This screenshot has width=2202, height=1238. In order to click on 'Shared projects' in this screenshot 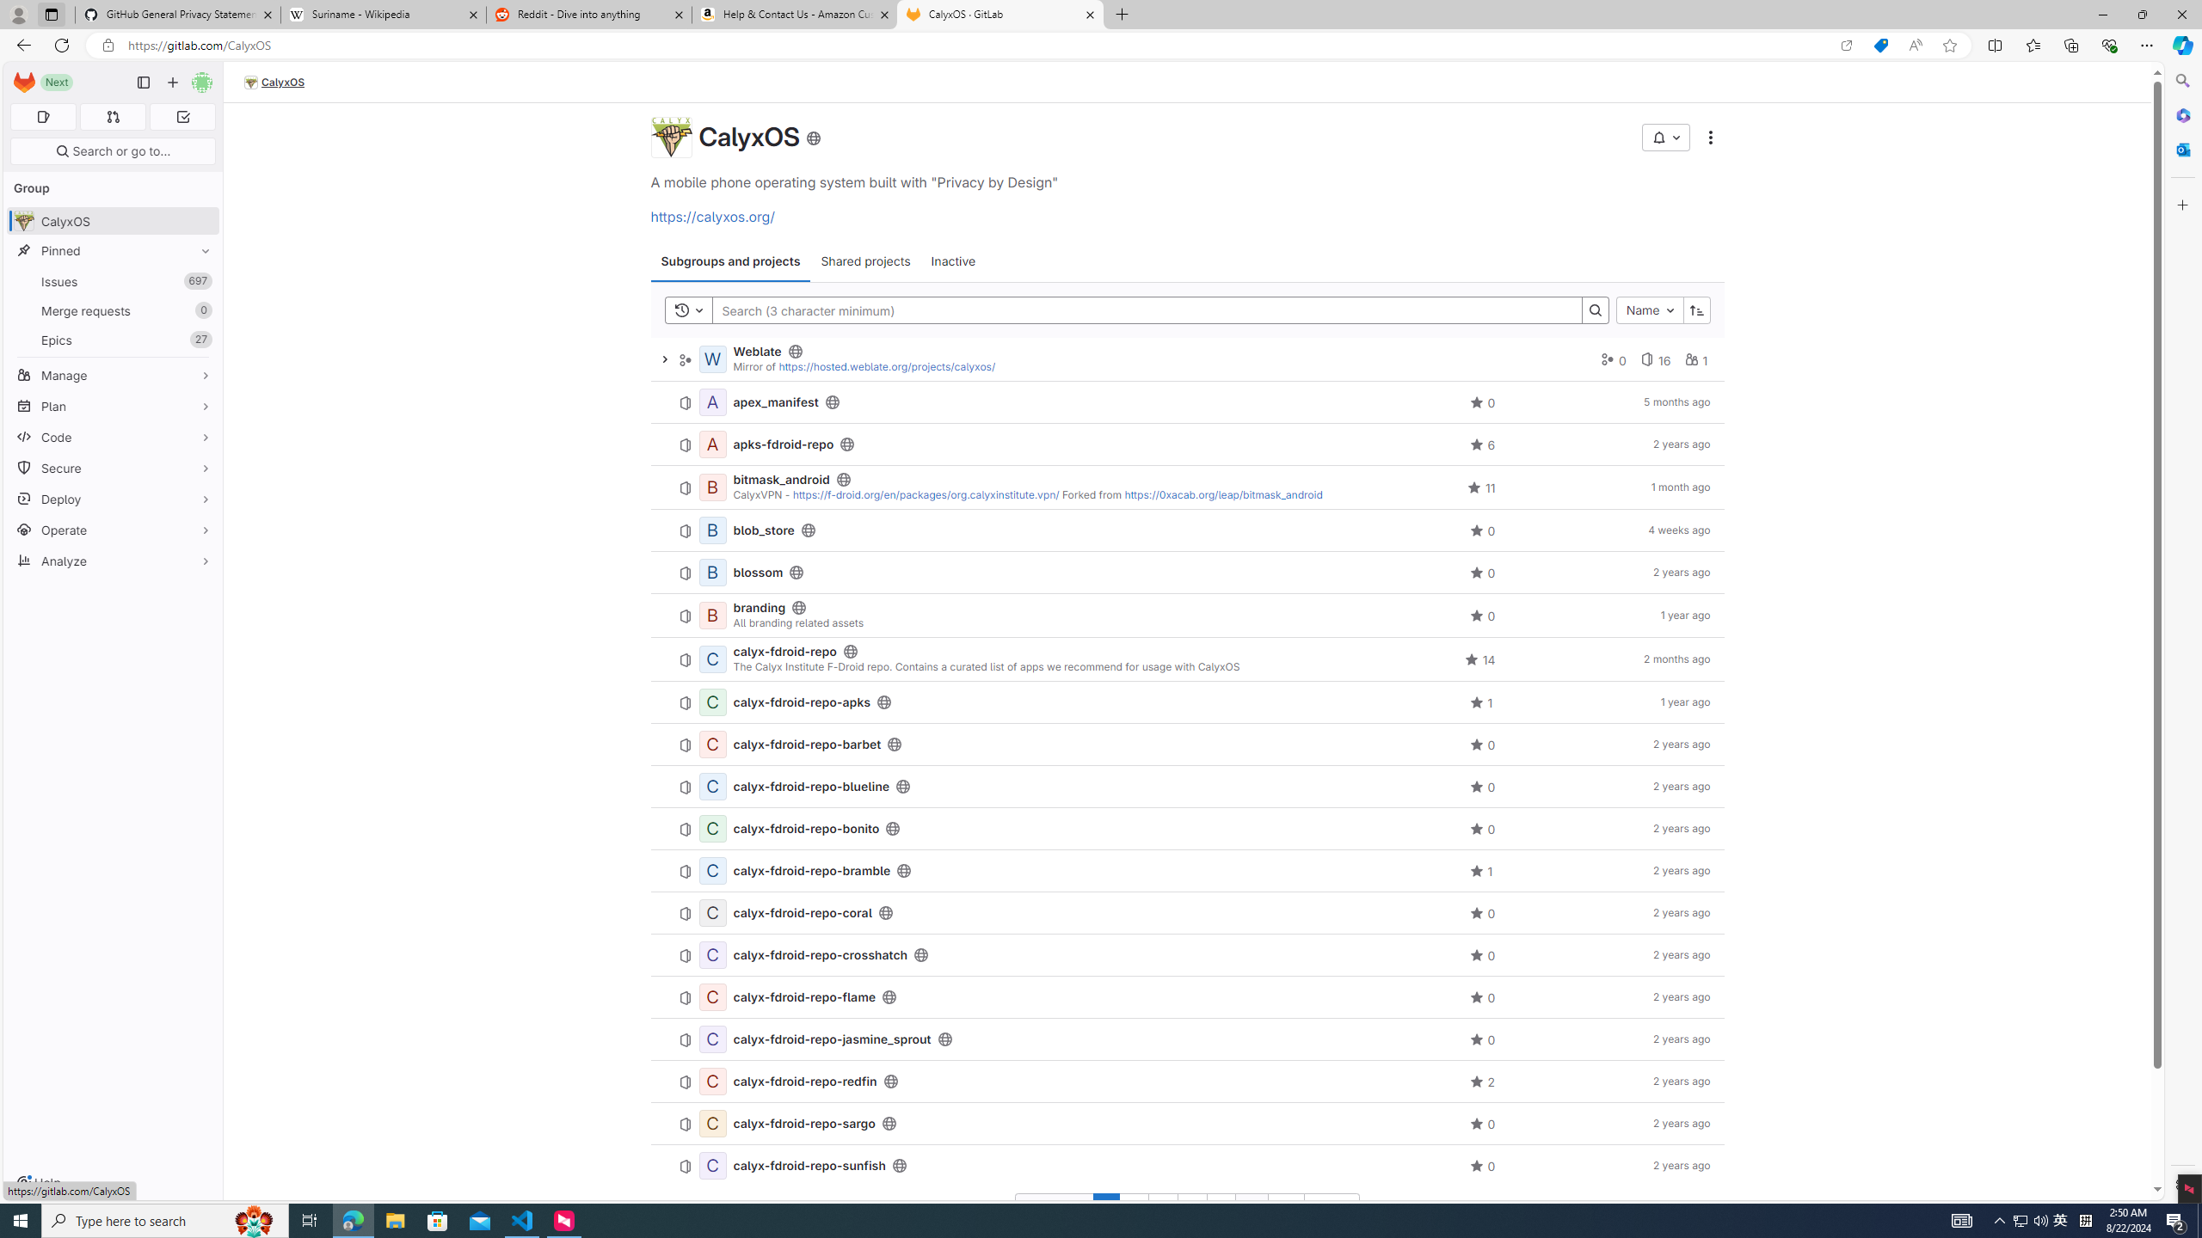, I will do `click(865, 260)`.